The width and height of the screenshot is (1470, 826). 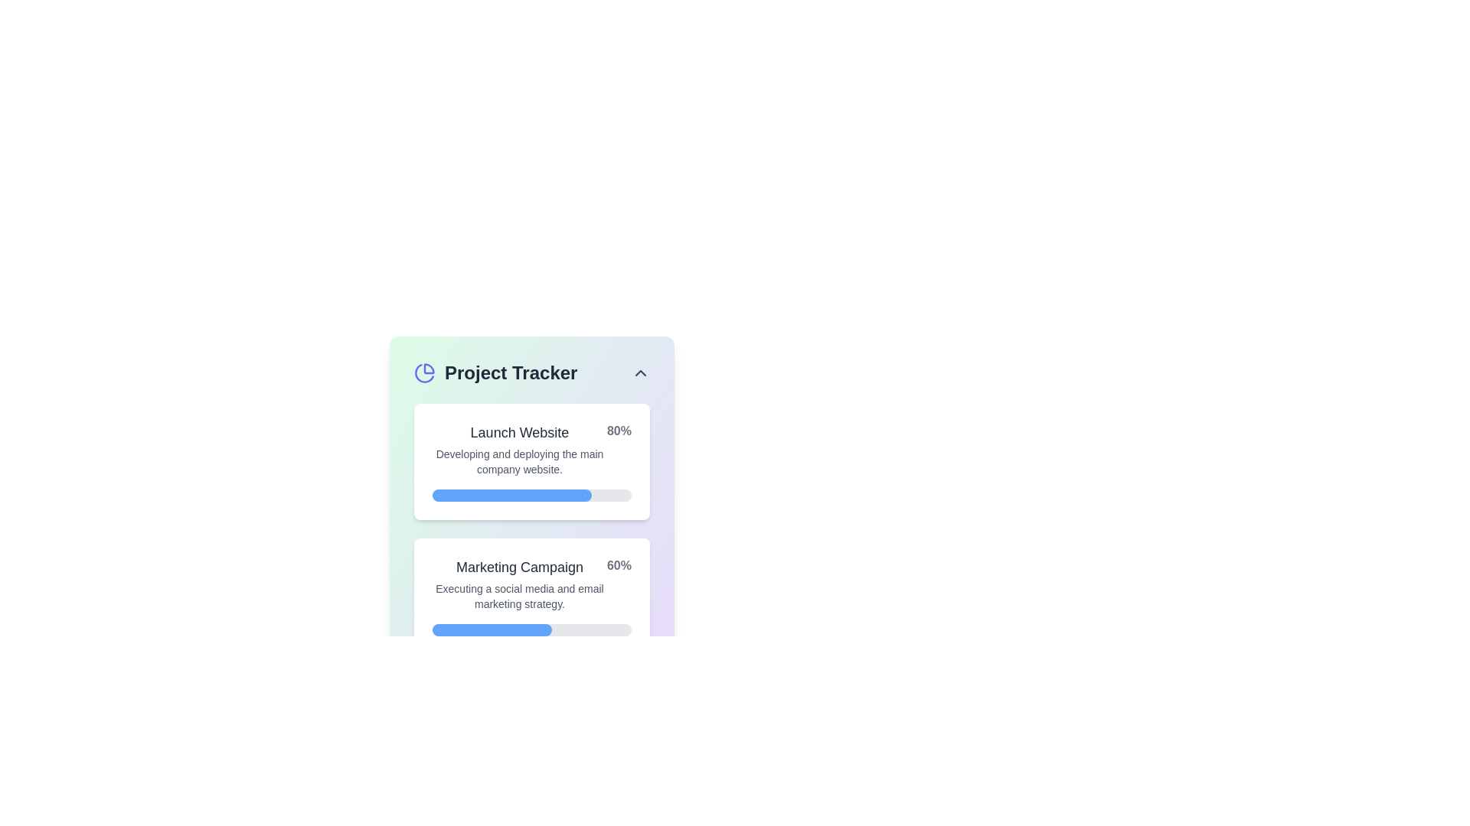 What do you see at coordinates (532, 496) in the screenshot?
I see `the progress bar with a light gray background and a blue colored segment, which is located within the 'Launch Website' card, below the text 'Developing and deploying the main company website.' and aligned with the '80%' text indicator` at bounding box center [532, 496].